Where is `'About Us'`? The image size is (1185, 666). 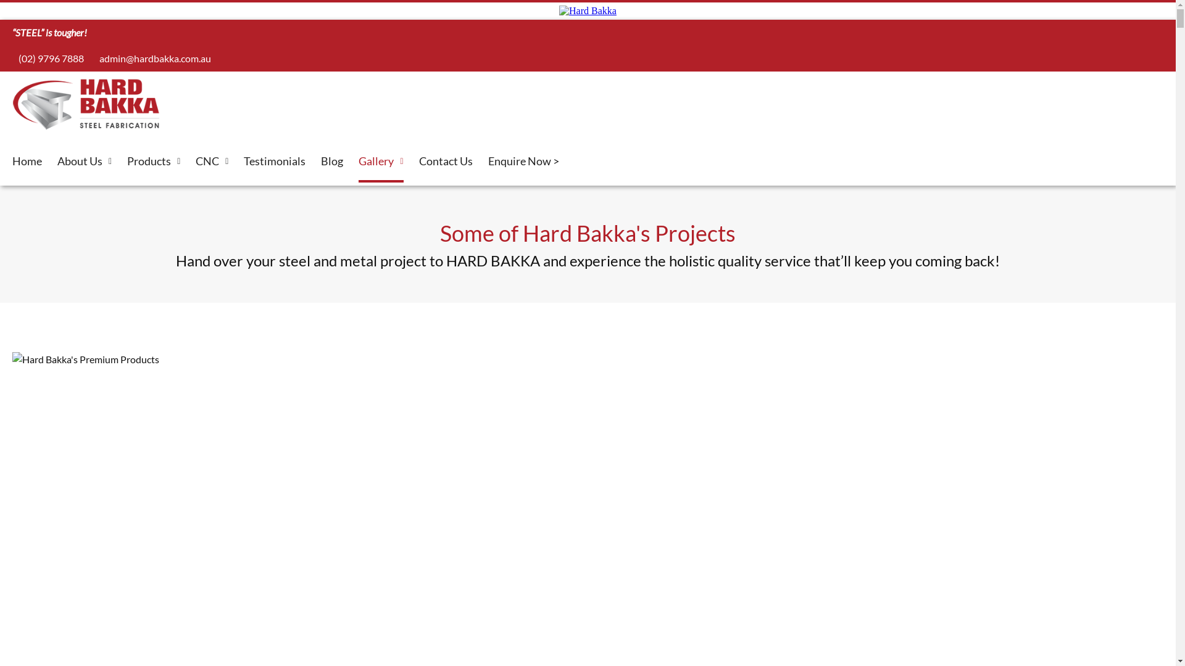 'About Us' is located at coordinates (84, 162).